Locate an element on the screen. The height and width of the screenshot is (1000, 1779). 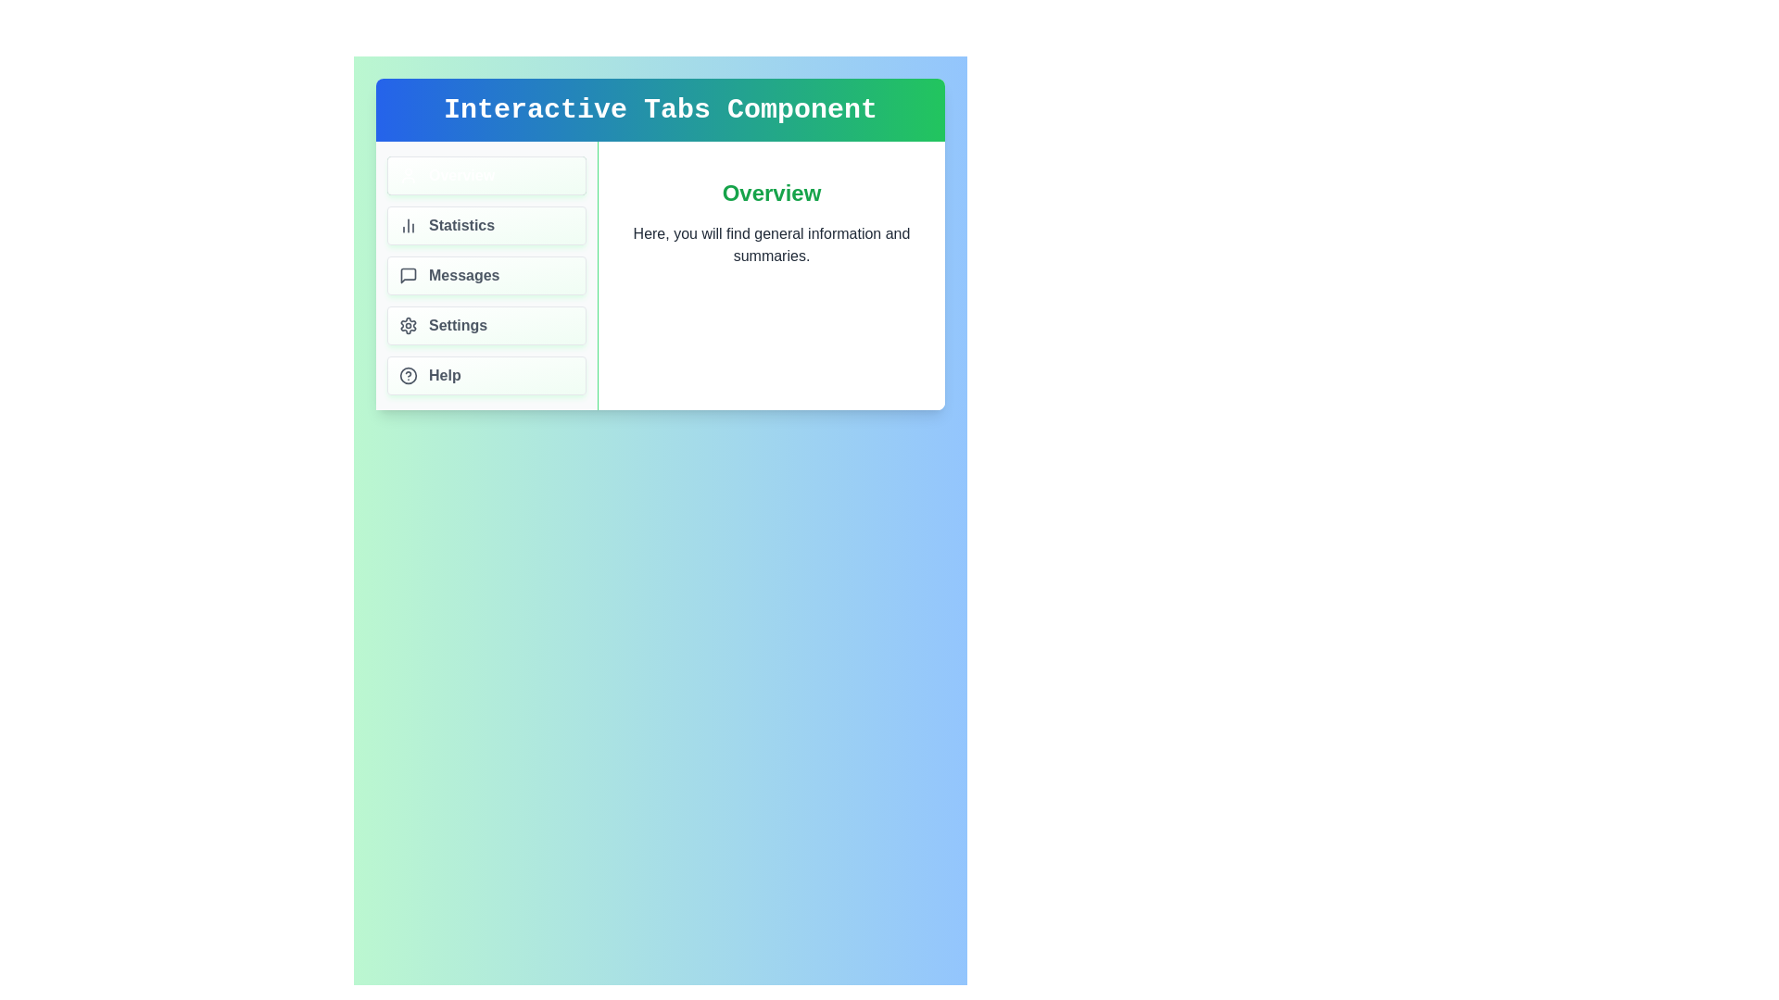
the tab labeled Statistics by clicking on its area is located at coordinates (486, 224).